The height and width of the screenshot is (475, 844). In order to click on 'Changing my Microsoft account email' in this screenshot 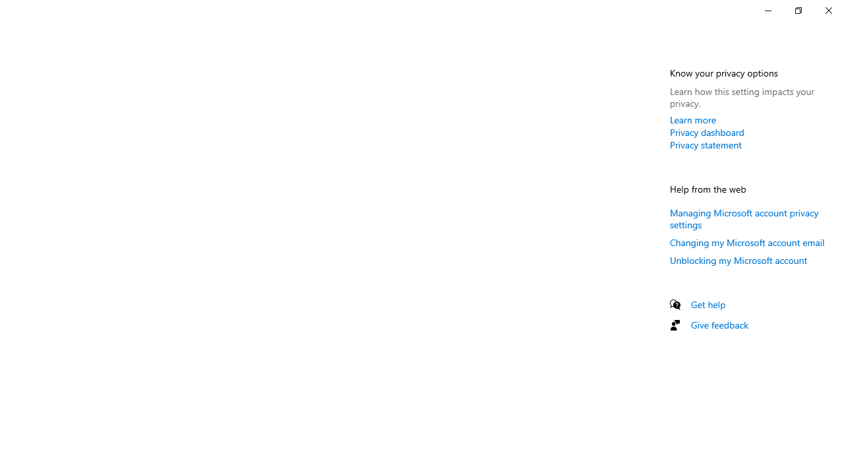, I will do `click(747, 242)`.